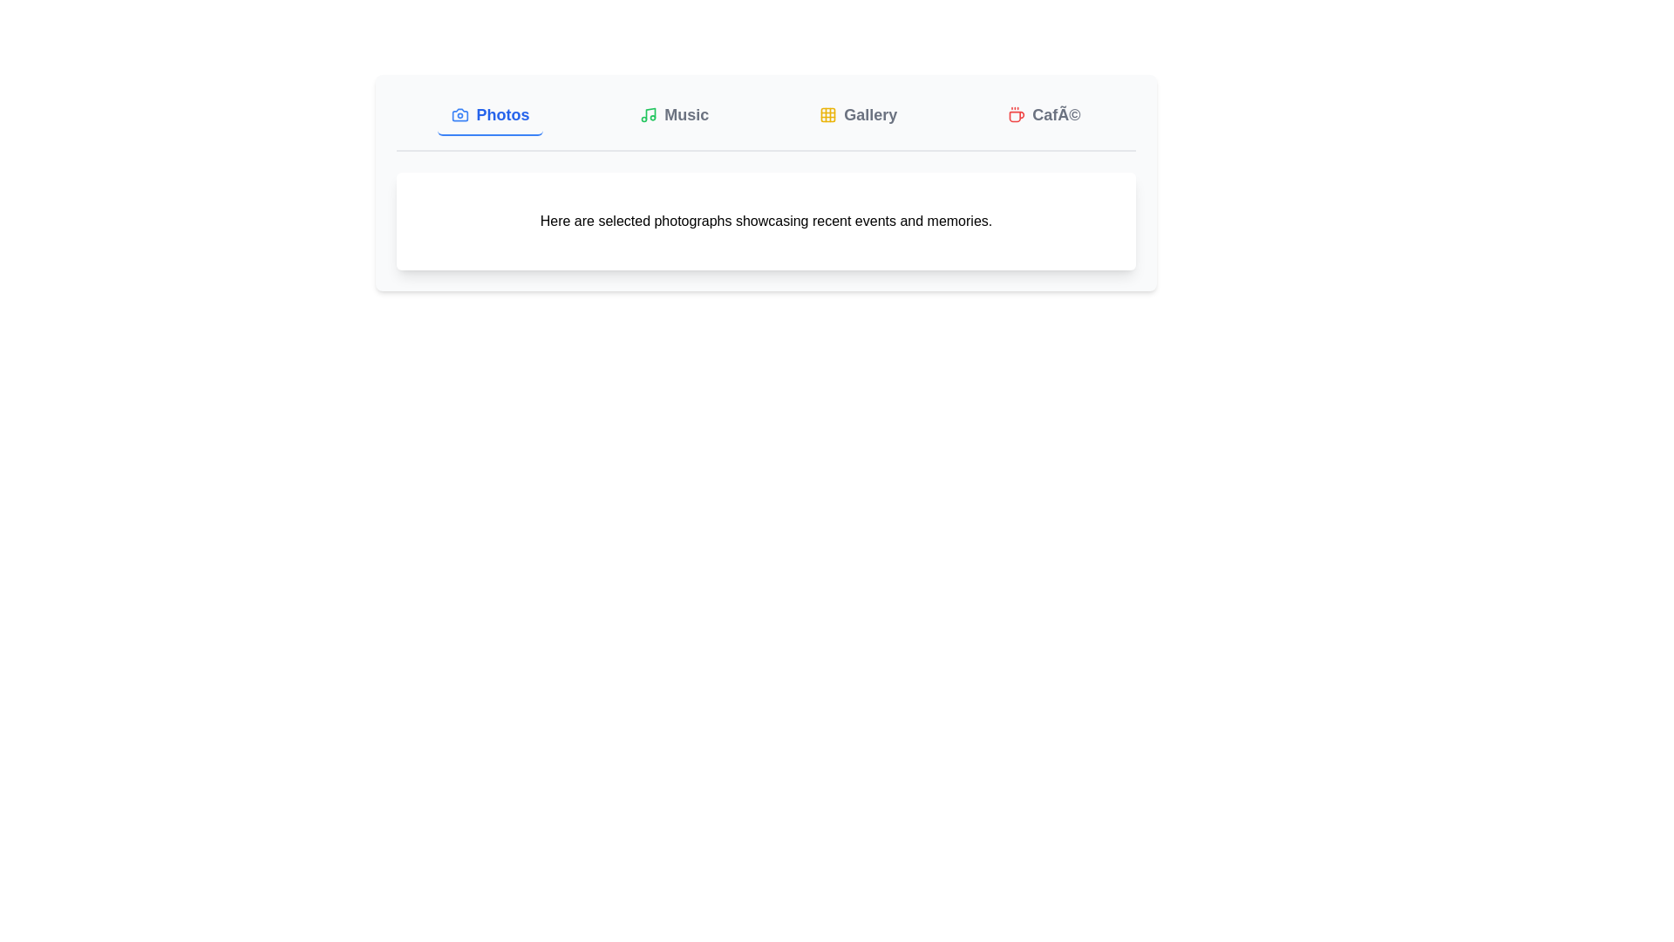 This screenshot has height=942, width=1674. What do you see at coordinates (858, 115) in the screenshot?
I see `the 'Gallery' button in the navigation bar, which features a yellow grid icon and gray text in a modern sans-serif font` at bounding box center [858, 115].